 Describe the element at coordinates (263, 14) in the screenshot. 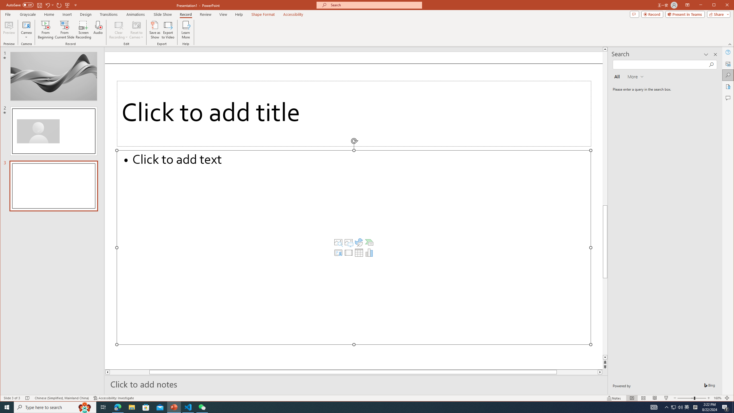

I see `'Shape Format'` at that location.